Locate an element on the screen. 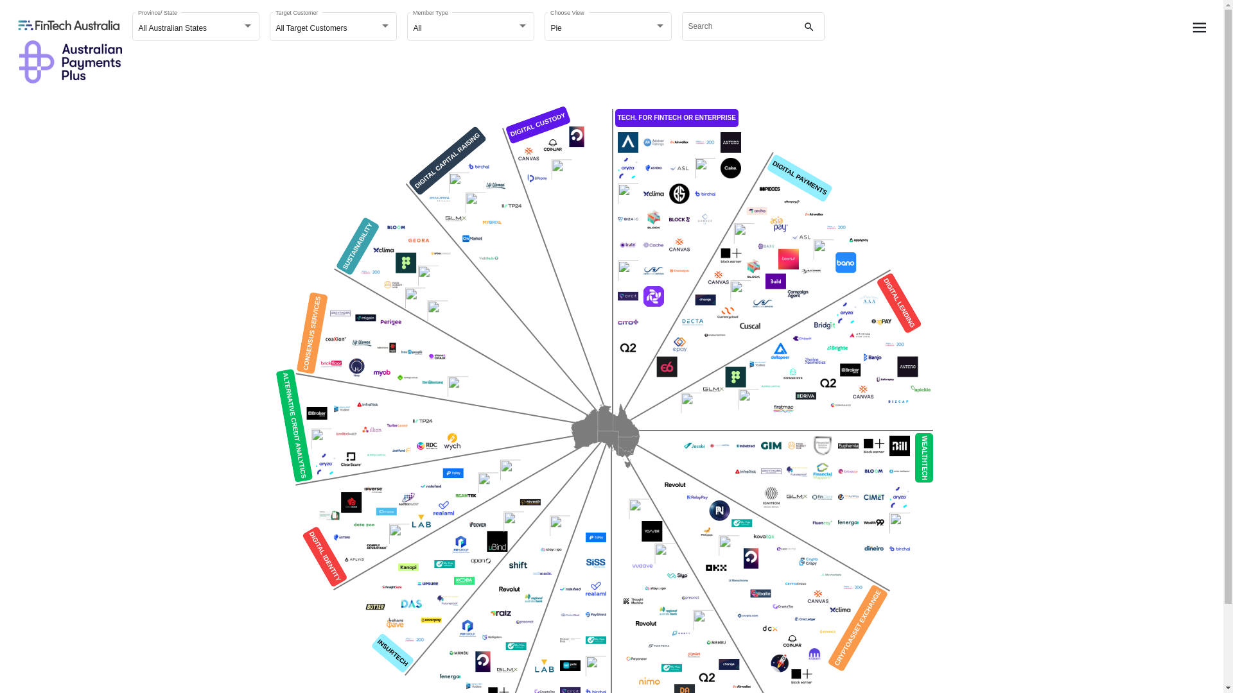  'Geora Pty Limited' is located at coordinates (419, 240).